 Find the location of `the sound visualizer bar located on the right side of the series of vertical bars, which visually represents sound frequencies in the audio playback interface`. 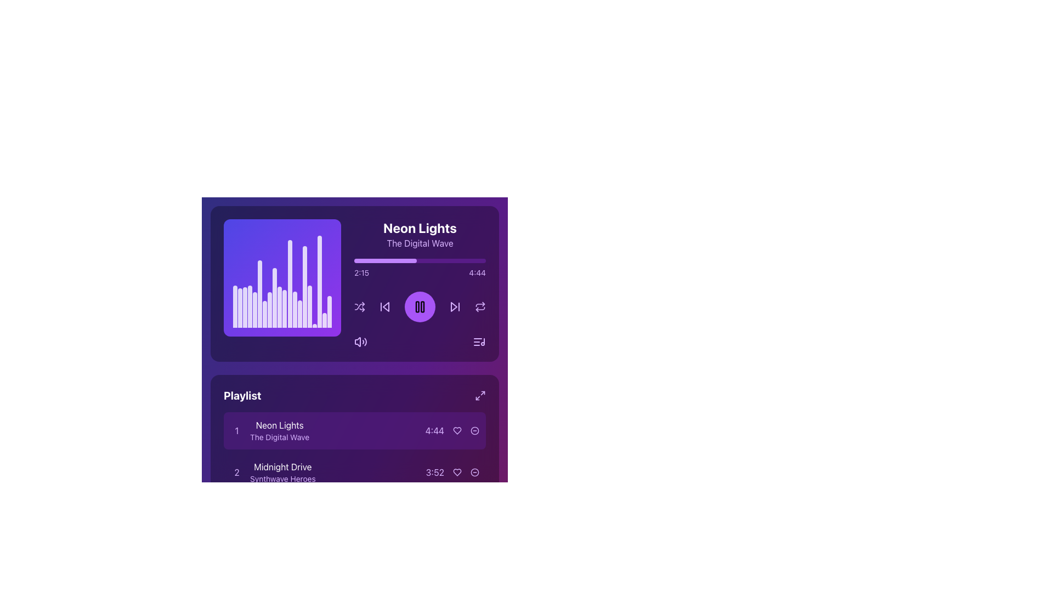

the sound visualizer bar located on the right side of the series of vertical bars, which visually represents sound frequencies in the audio playback interface is located at coordinates (319, 281).